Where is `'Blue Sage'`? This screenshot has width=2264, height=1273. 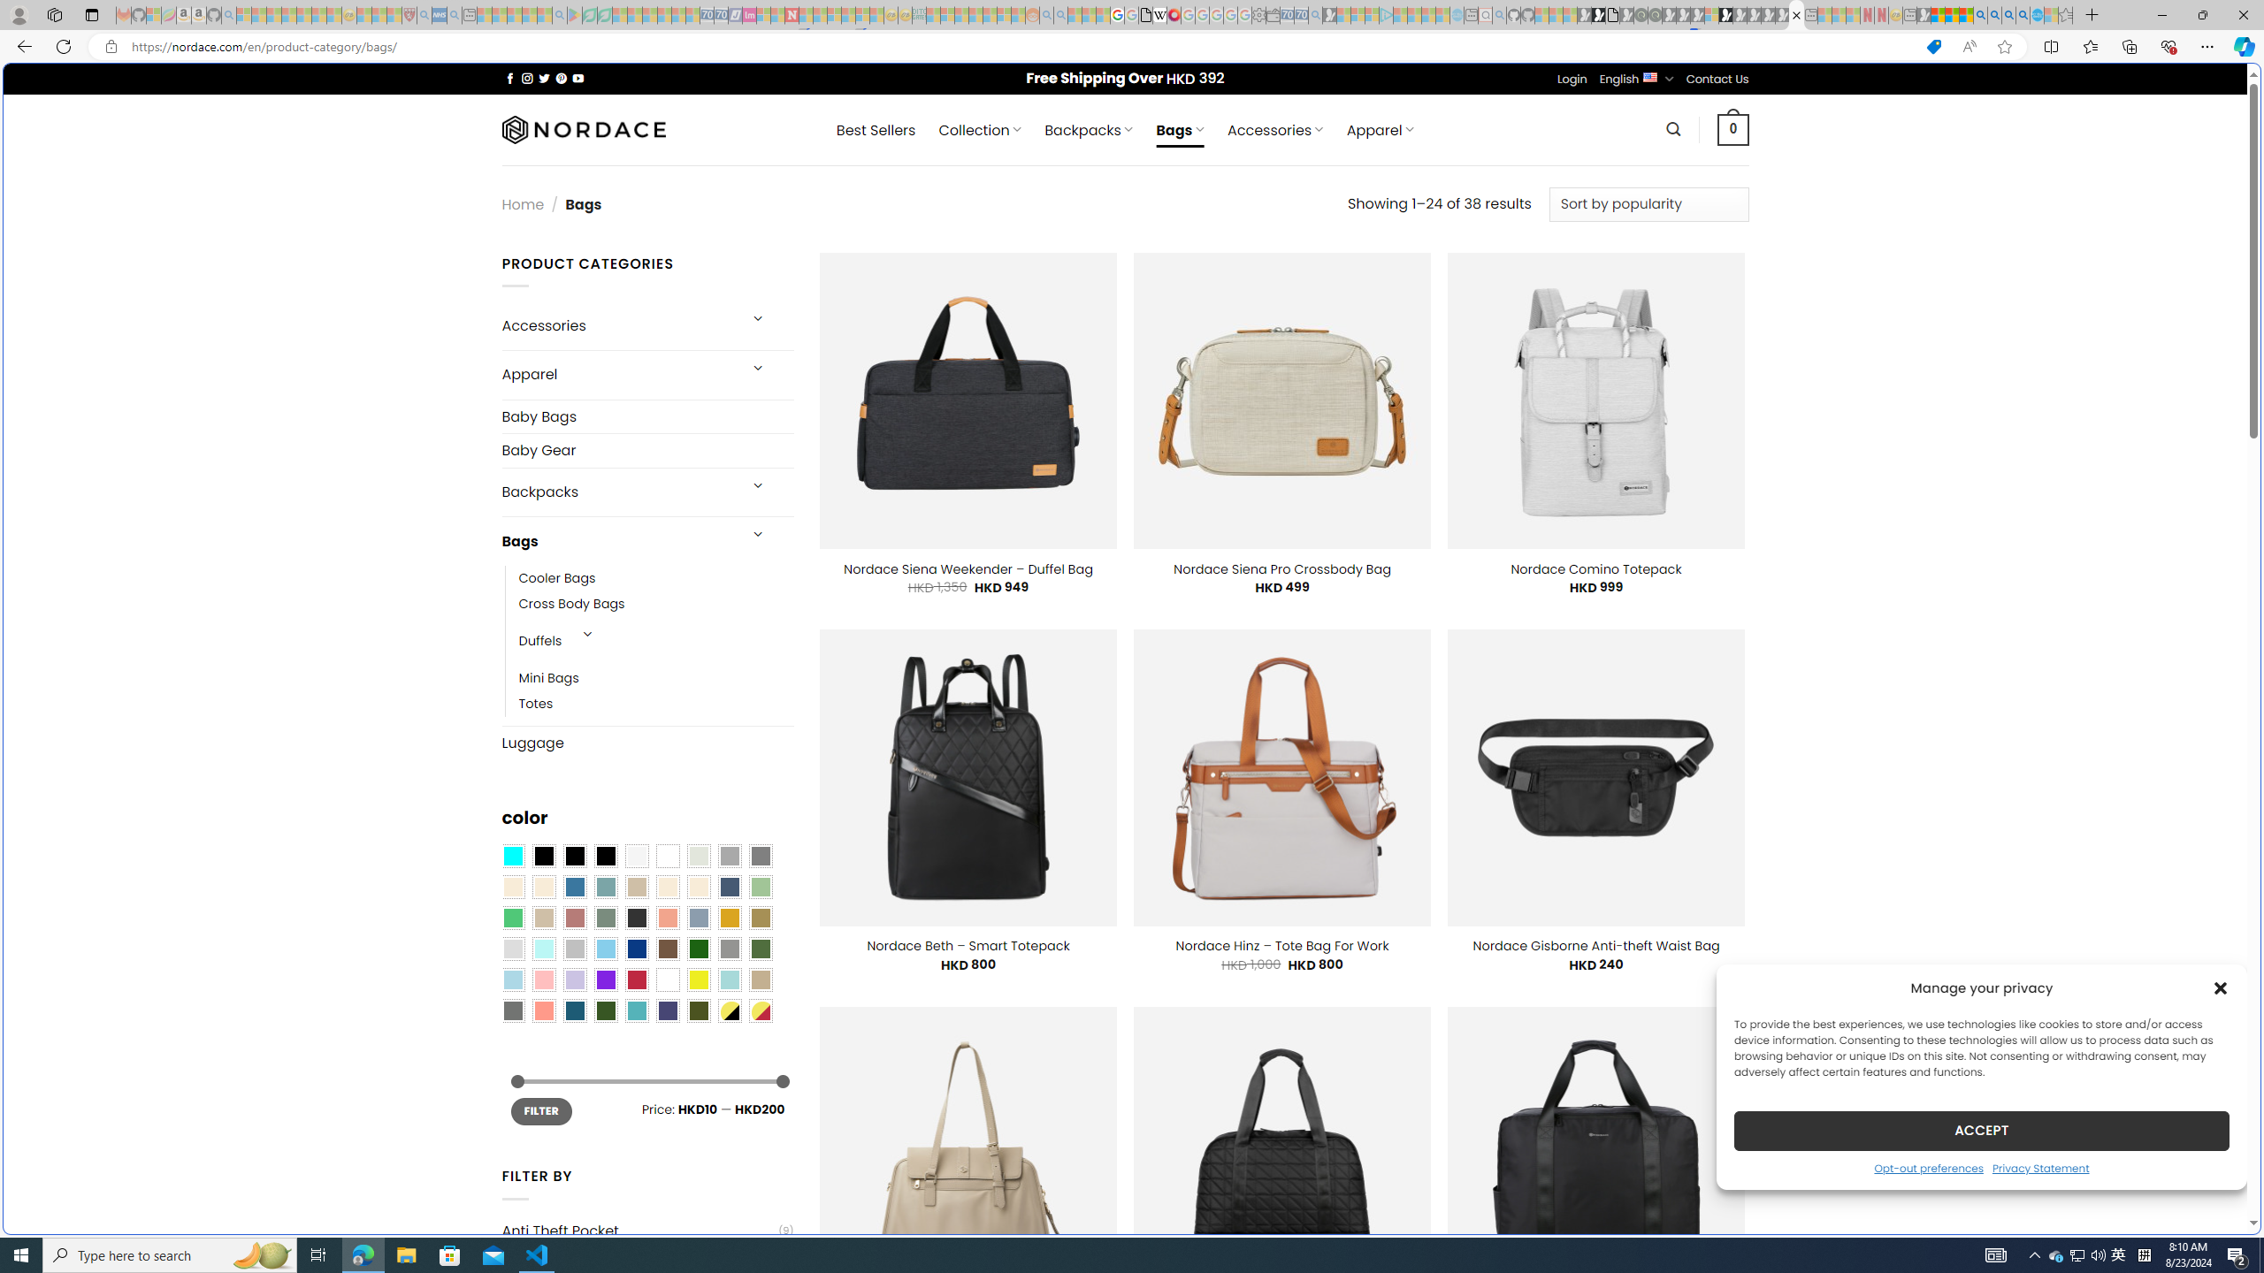
'Blue Sage' is located at coordinates (605, 887).